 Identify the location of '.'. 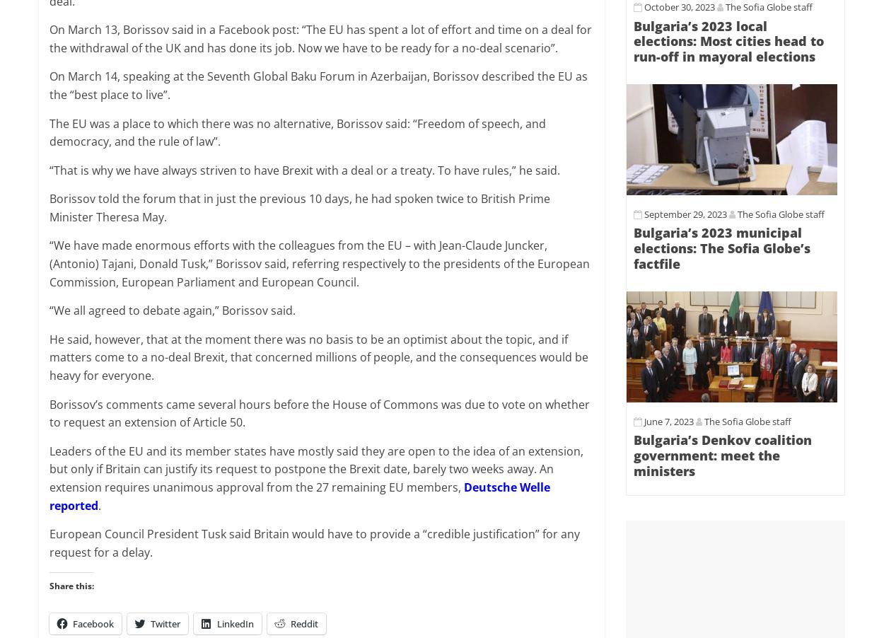
(100, 505).